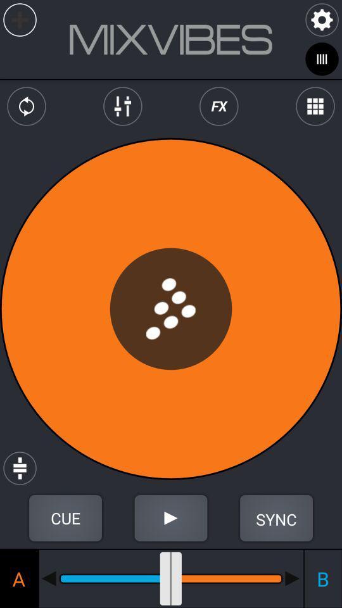  What do you see at coordinates (27, 106) in the screenshot?
I see `repeat` at bounding box center [27, 106].